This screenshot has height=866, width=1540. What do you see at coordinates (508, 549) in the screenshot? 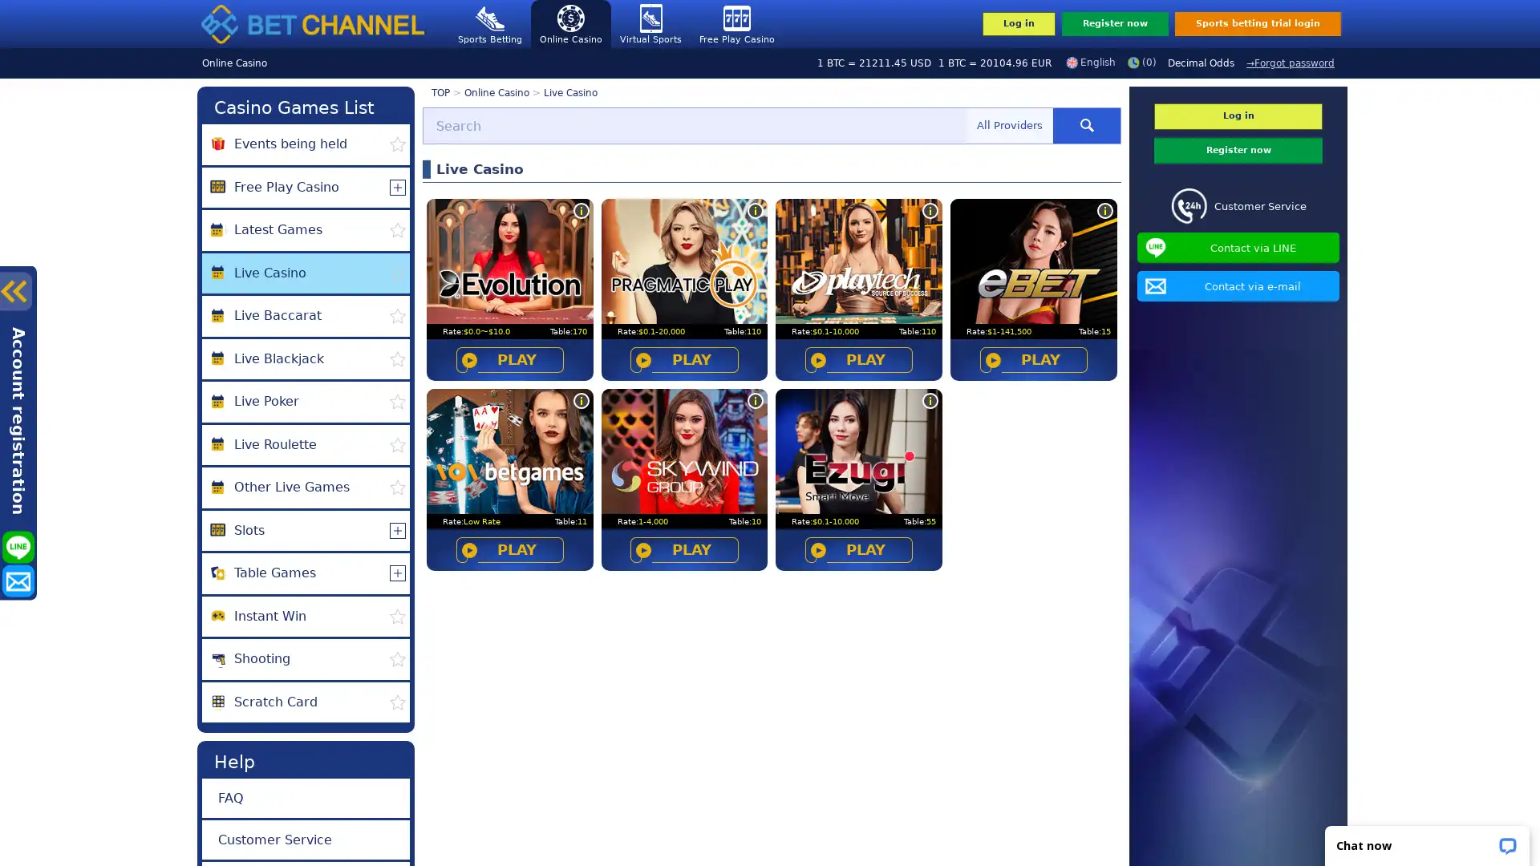
I see `PLAY` at bounding box center [508, 549].